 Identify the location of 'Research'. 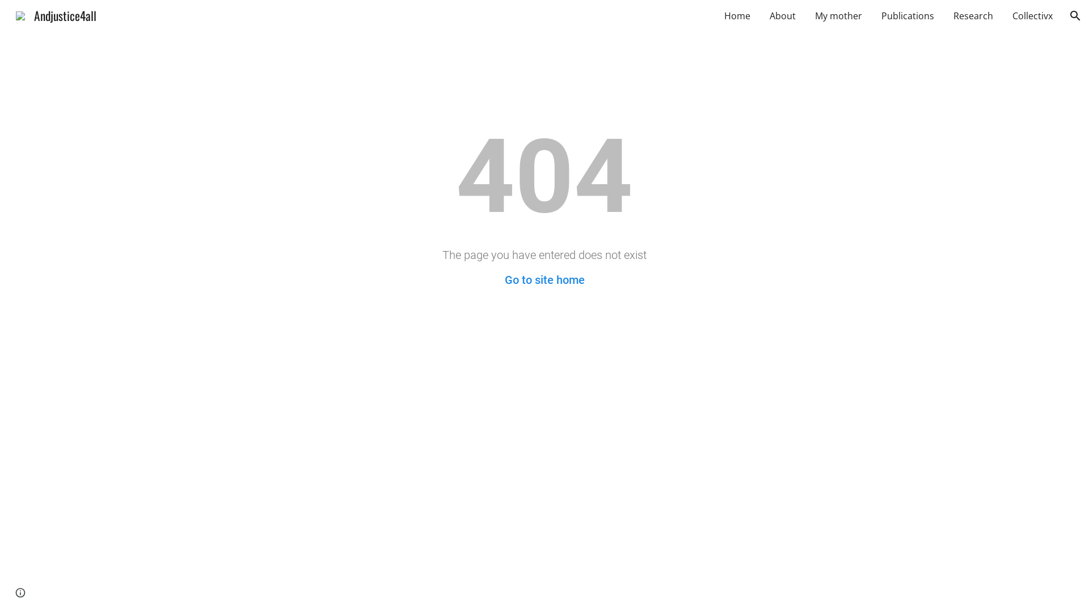
(947, 15).